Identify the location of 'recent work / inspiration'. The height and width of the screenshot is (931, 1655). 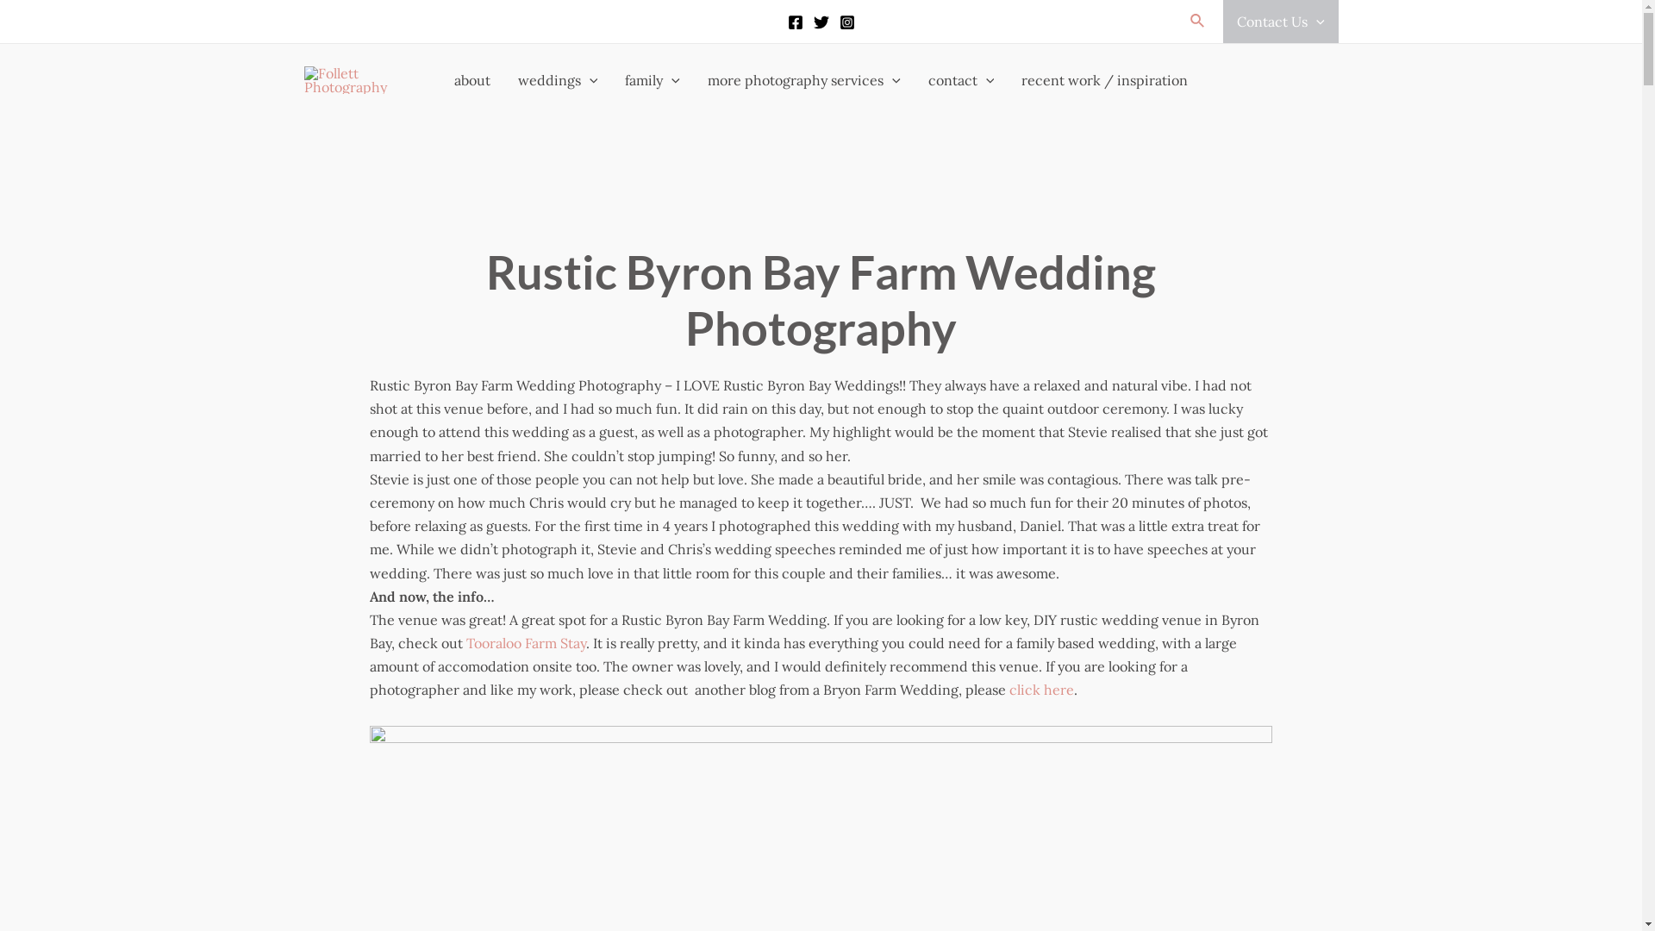
(1104, 79).